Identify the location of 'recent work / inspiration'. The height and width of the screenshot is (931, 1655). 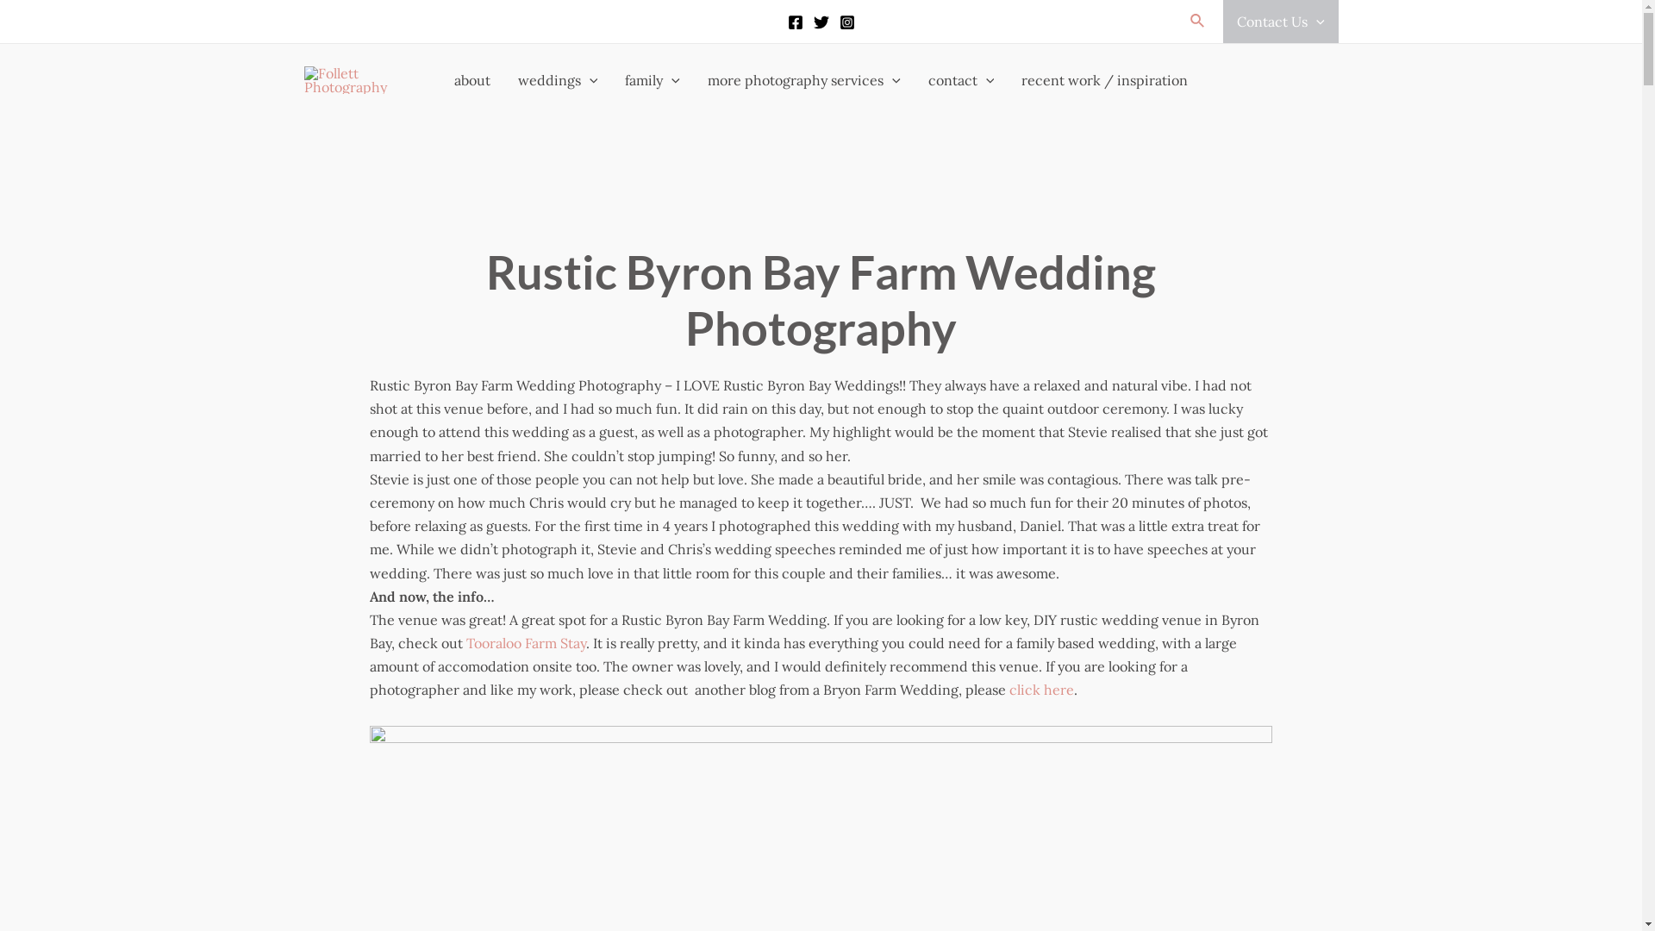
(1104, 79).